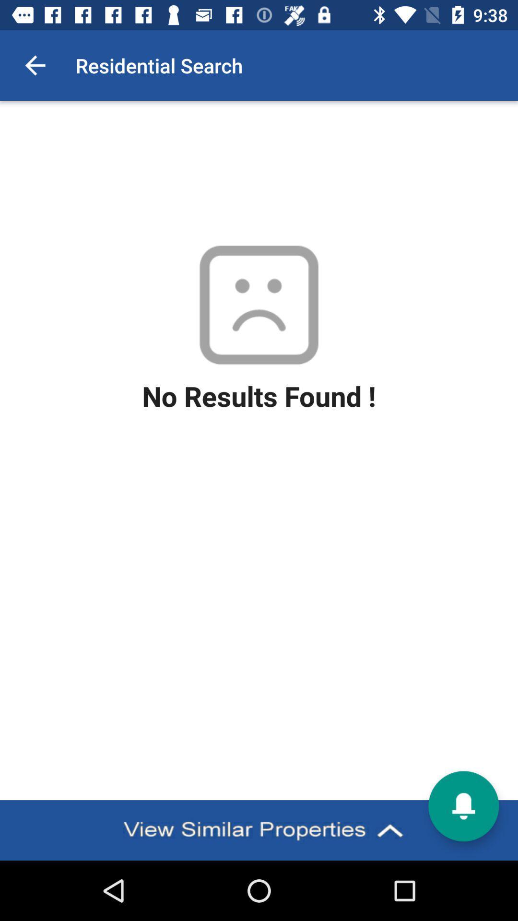 This screenshot has height=921, width=518. What do you see at coordinates (463, 806) in the screenshot?
I see `get notification` at bounding box center [463, 806].